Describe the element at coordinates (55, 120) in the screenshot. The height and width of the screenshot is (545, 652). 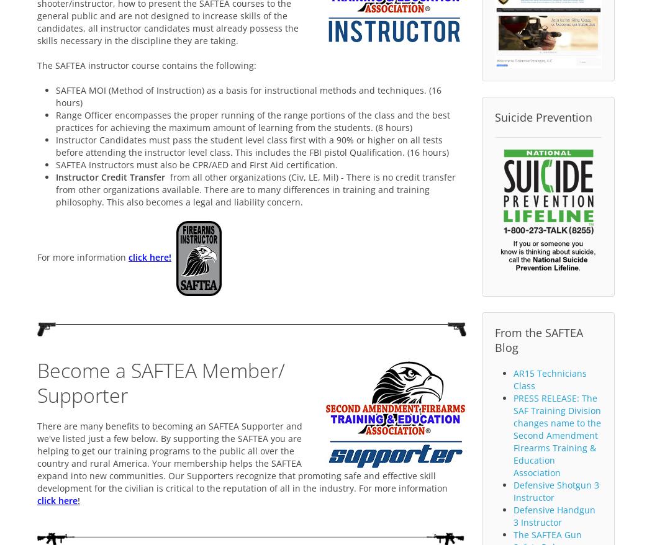
I see `'Range Officer encompasses the proper running of the range portions of the class and the best practices for achieving the maximum amount of learning from the students. (8 hours)'` at that location.